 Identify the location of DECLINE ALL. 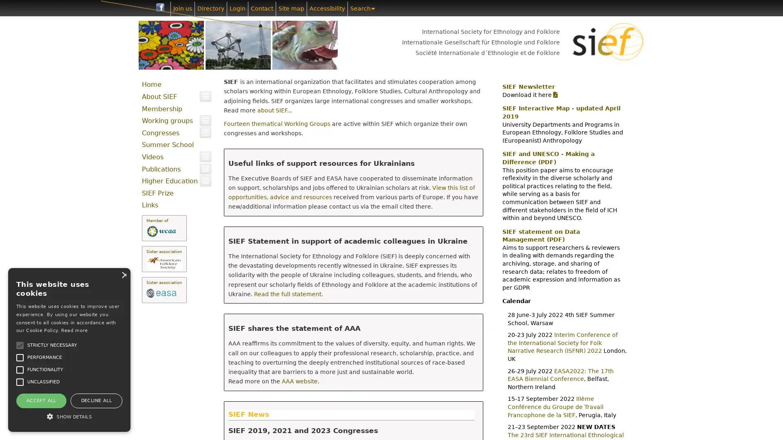
(96, 400).